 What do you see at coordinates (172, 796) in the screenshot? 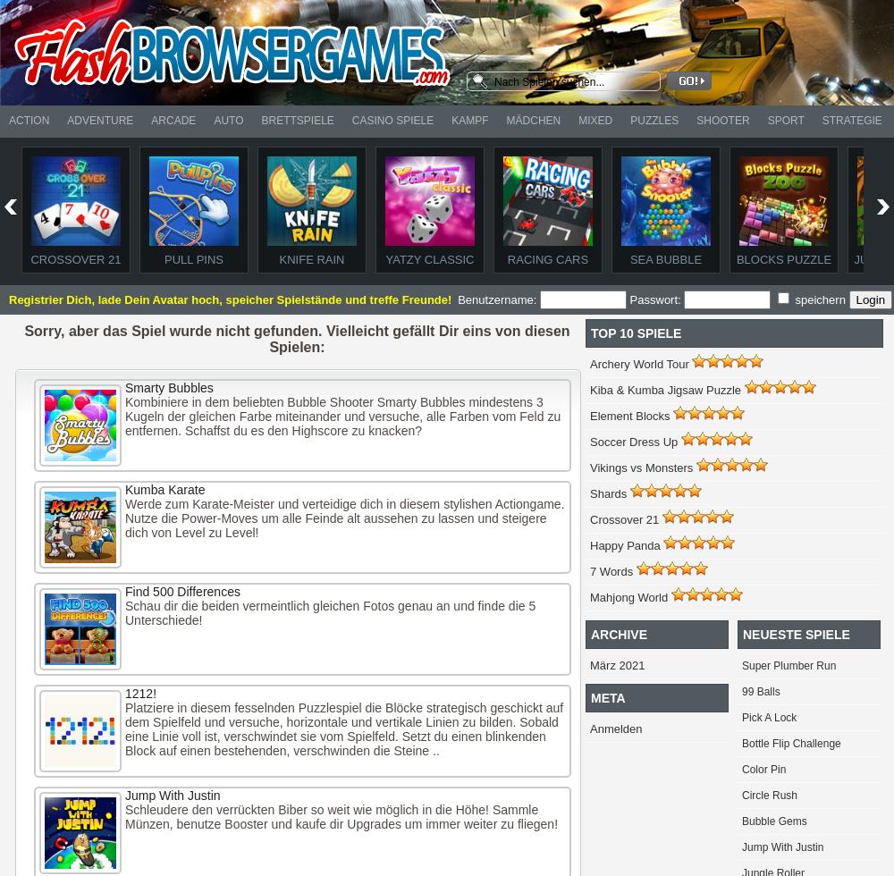
I see `'Jump With Justin'` at bounding box center [172, 796].